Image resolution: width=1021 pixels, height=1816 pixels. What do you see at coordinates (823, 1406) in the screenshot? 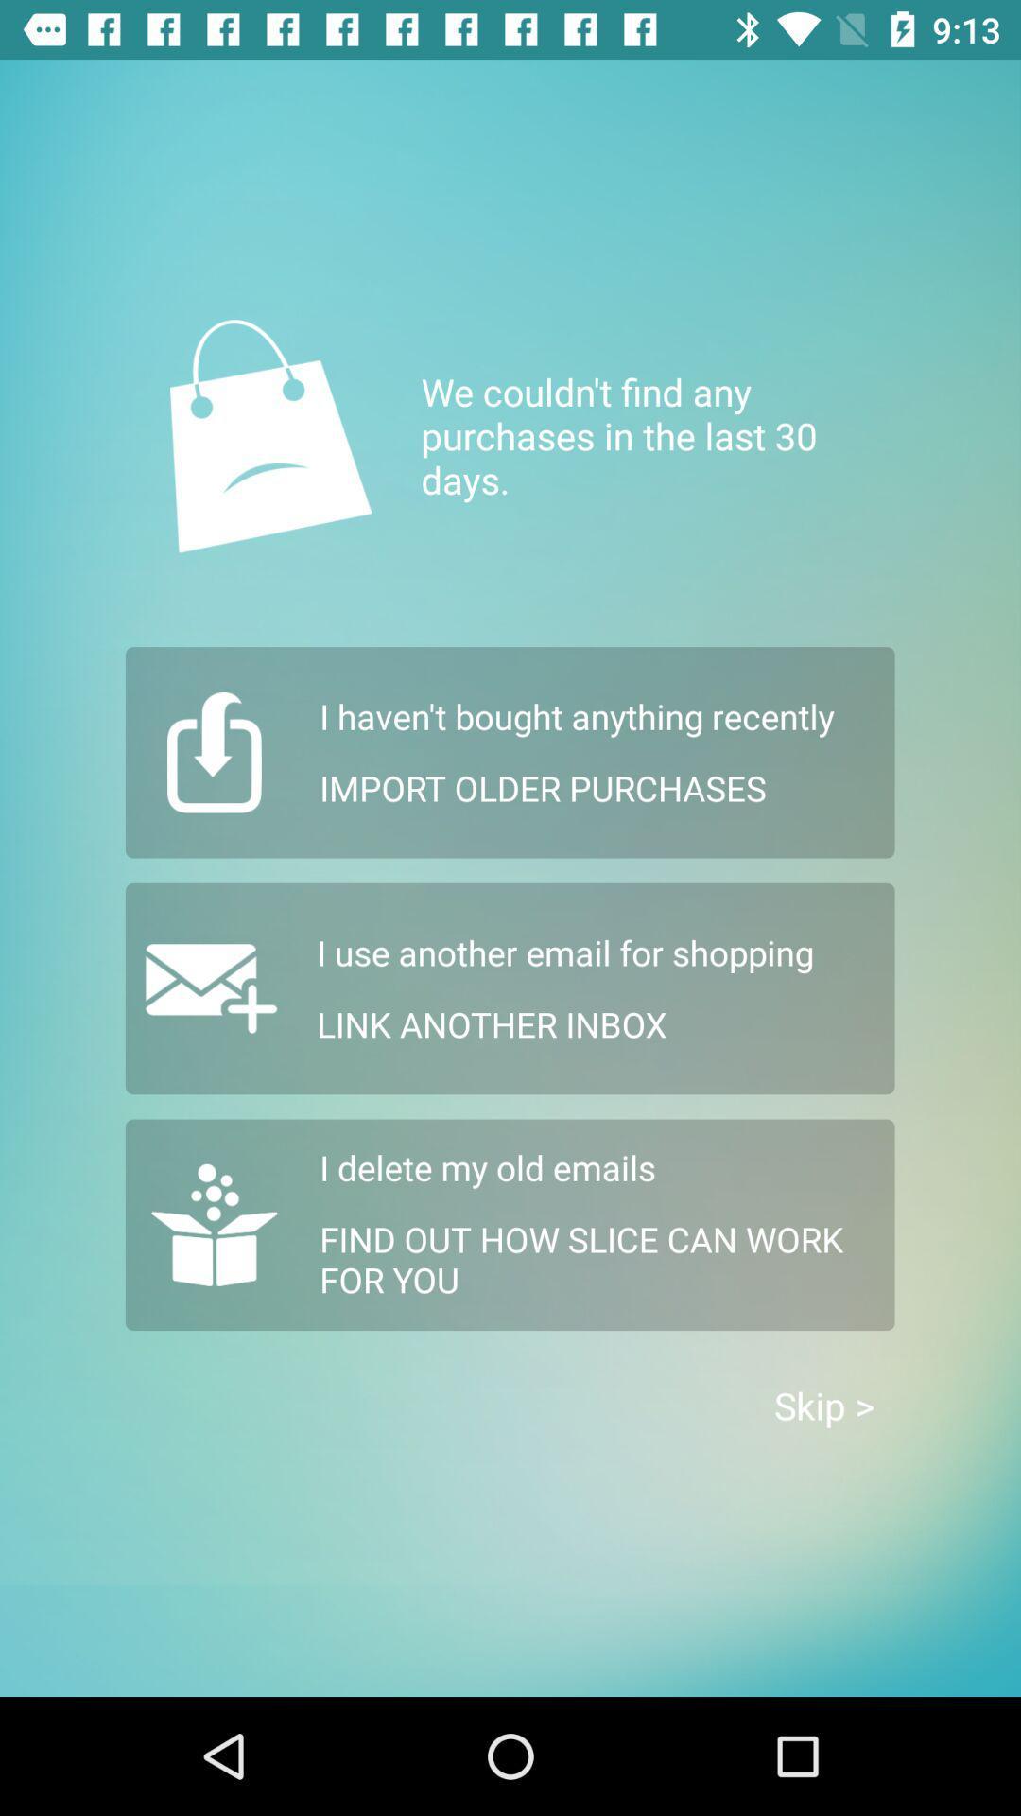
I see `icon below the find out how item` at bounding box center [823, 1406].